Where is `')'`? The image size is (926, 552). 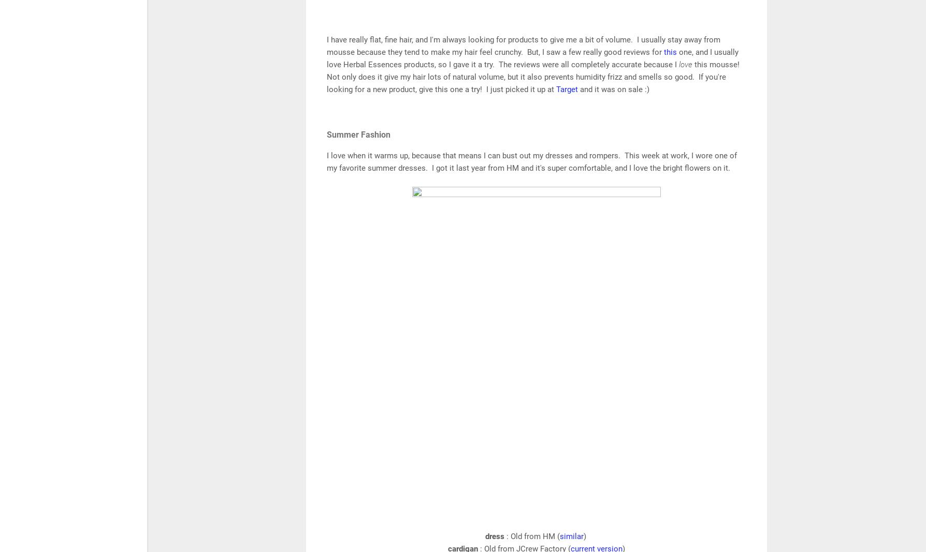 ')' is located at coordinates (585, 536).